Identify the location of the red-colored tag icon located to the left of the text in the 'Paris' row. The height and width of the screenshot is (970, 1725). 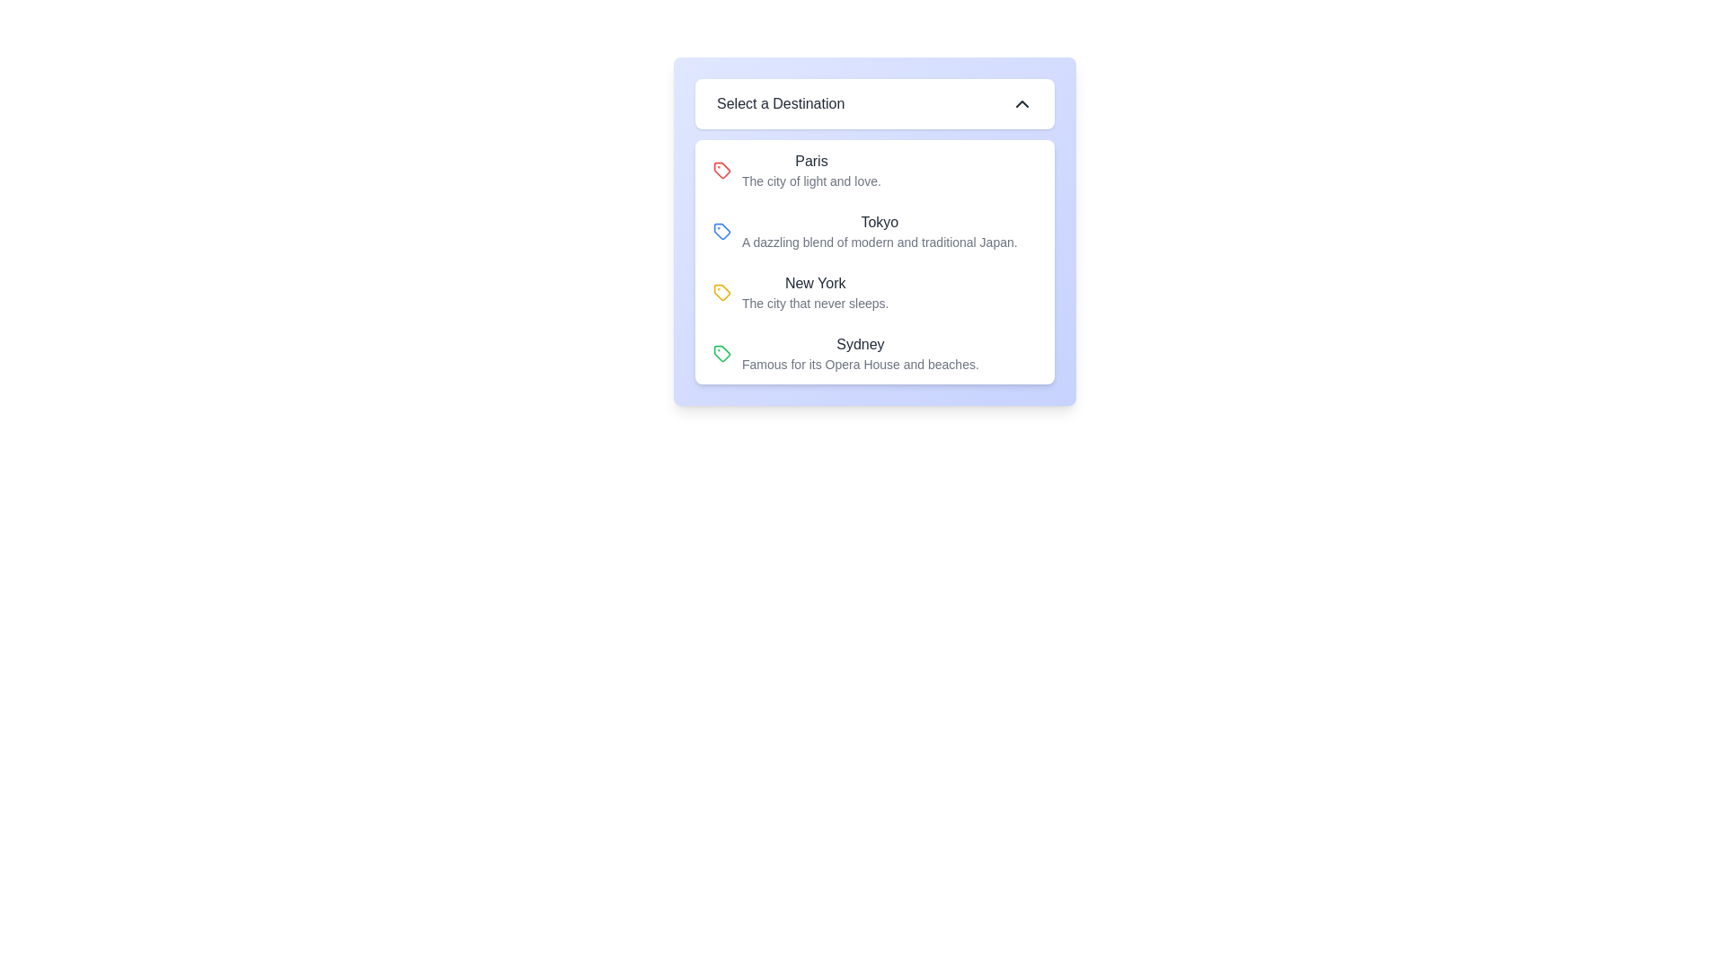
(722, 170).